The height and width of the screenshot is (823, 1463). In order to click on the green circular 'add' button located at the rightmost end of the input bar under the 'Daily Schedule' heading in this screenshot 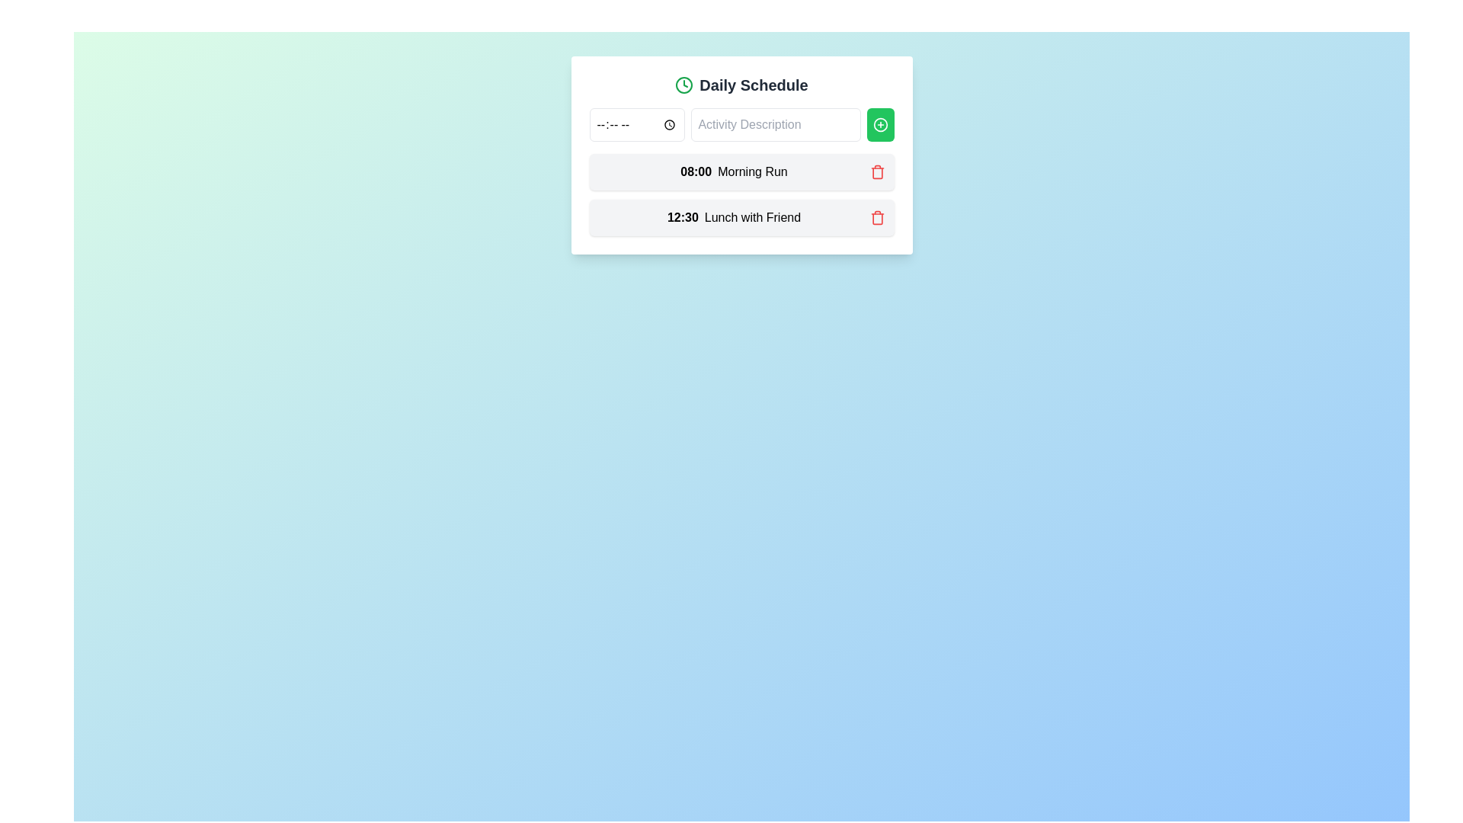, I will do `click(880, 124)`.